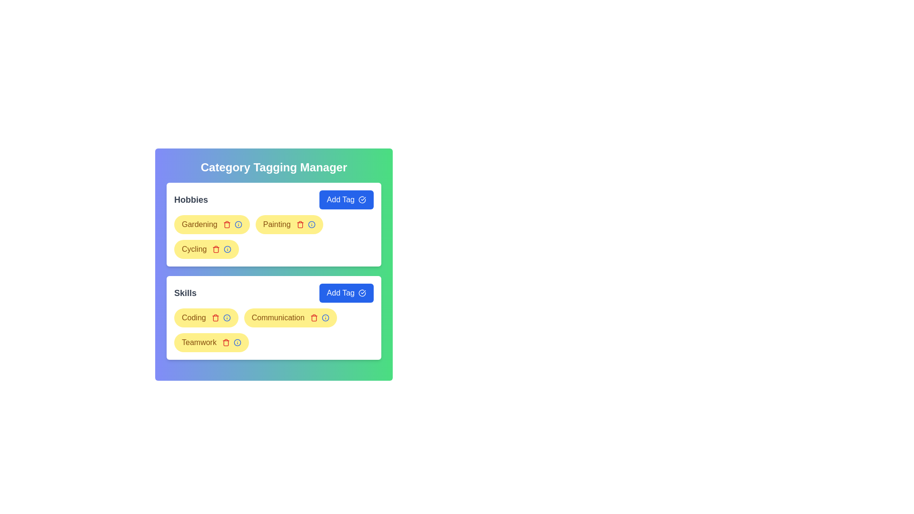 Image resolution: width=914 pixels, height=514 pixels. Describe the element at coordinates (226, 224) in the screenshot. I see `the trash icon button, which is visually represented in red and located next to the text 'Gardening' within the 'Hobbies' category` at that location.